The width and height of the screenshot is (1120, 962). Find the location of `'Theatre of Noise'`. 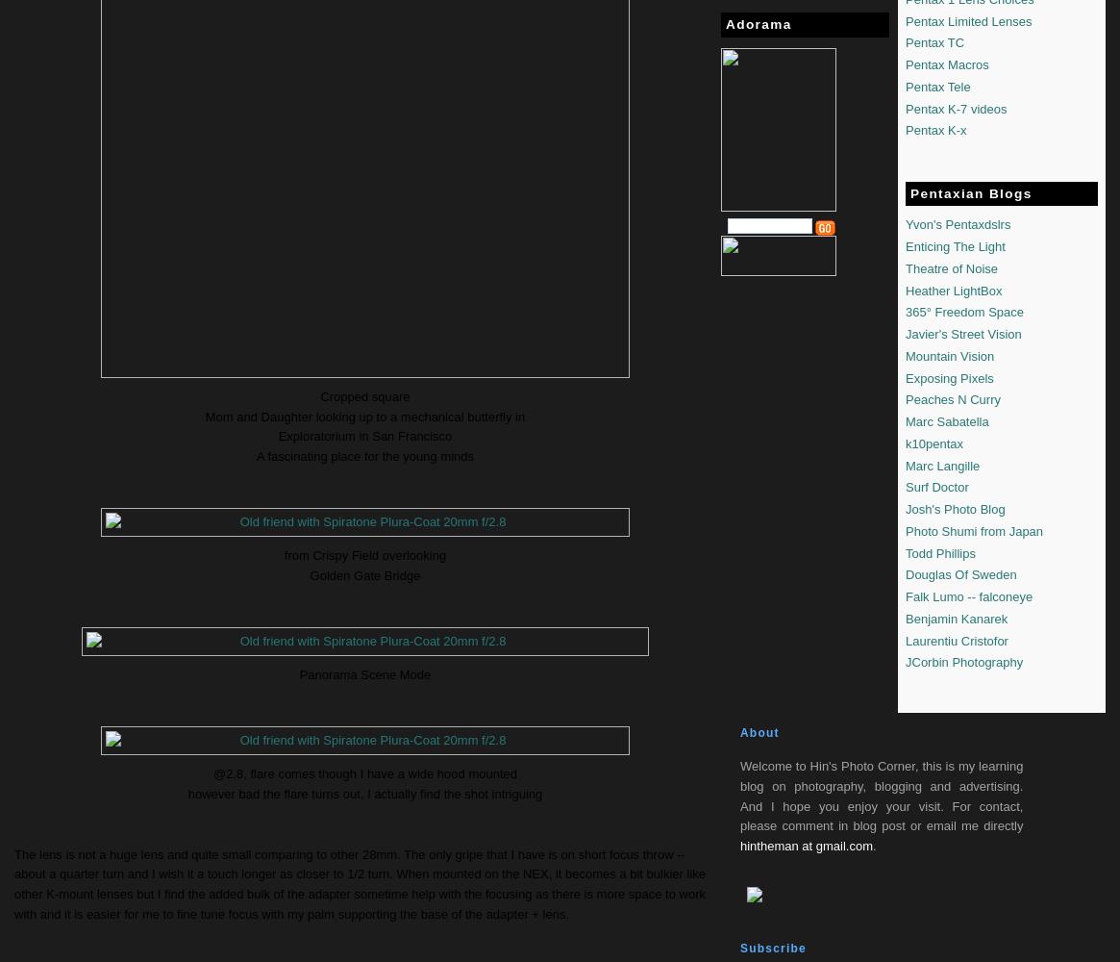

'Theatre of Noise' is located at coordinates (952, 267).